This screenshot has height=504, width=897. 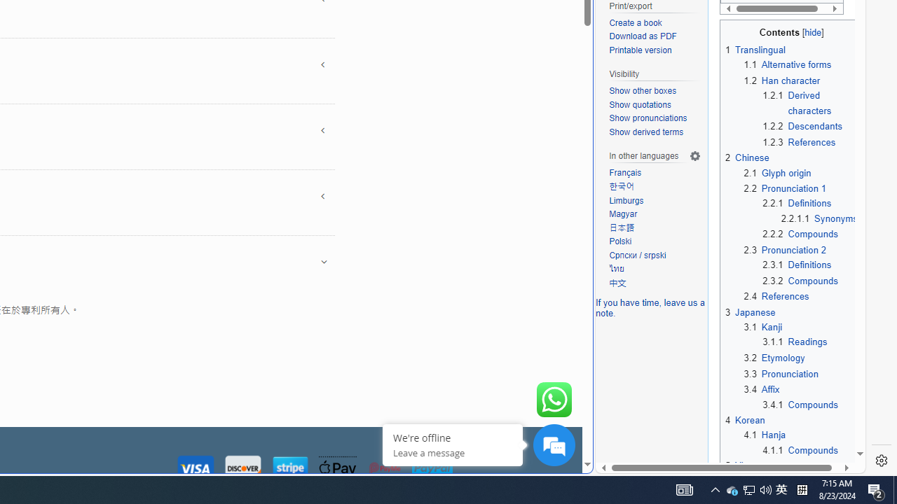 I want to click on '1.2.2Descendants', so click(x=810, y=127).